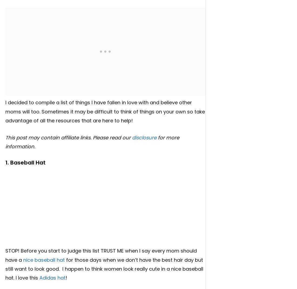 The height and width of the screenshot is (289, 297). I want to click on '1. Baseball Hat', so click(25, 162).